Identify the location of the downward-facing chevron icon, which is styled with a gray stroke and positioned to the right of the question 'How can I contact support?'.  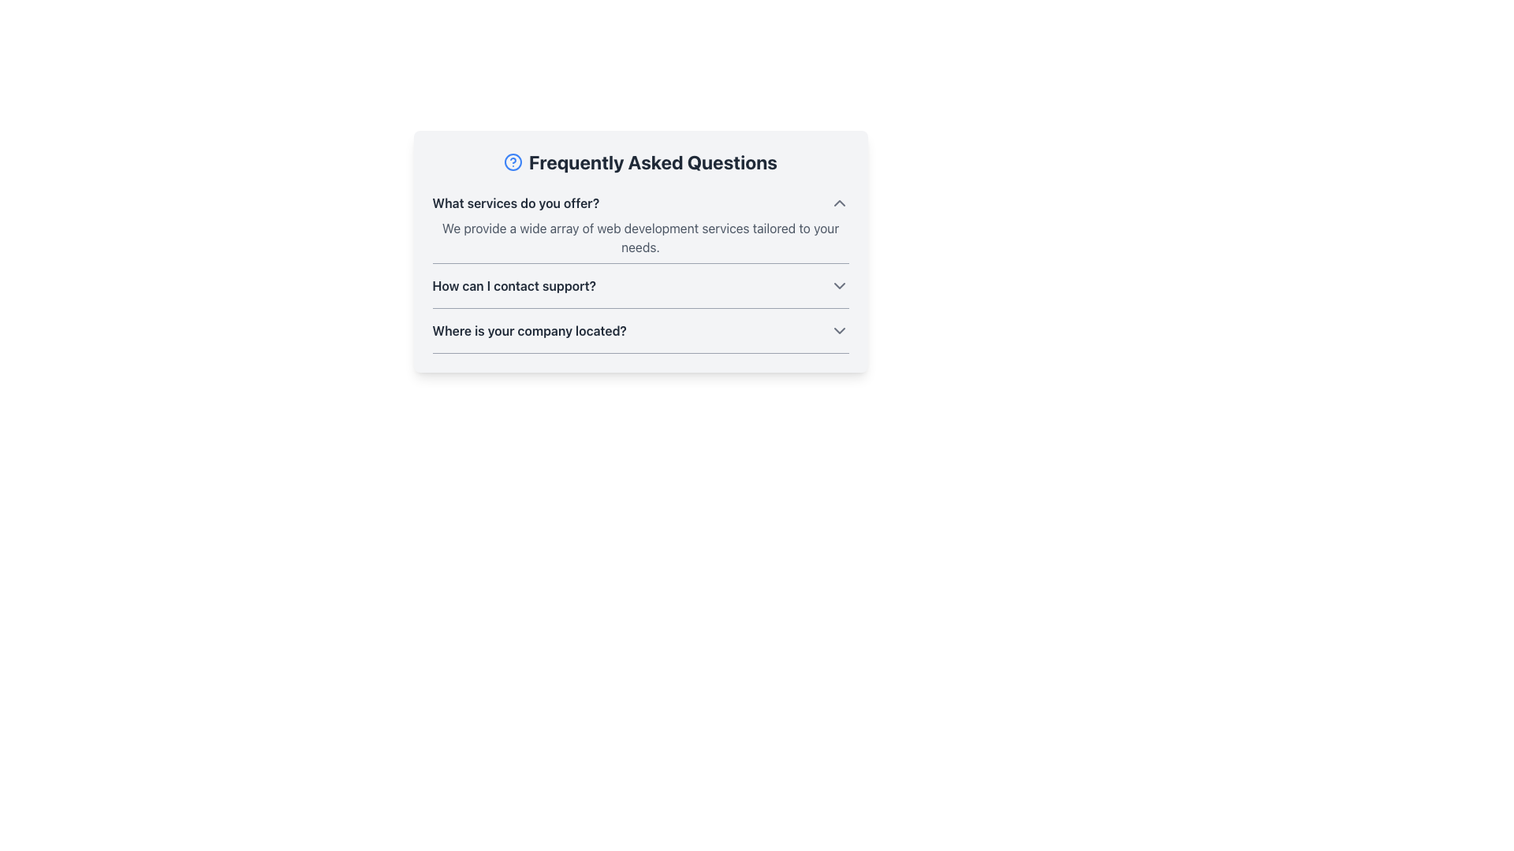
(838, 285).